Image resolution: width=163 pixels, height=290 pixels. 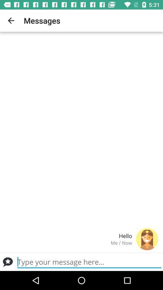 What do you see at coordinates (89, 262) in the screenshot?
I see `message text box` at bounding box center [89, 262].